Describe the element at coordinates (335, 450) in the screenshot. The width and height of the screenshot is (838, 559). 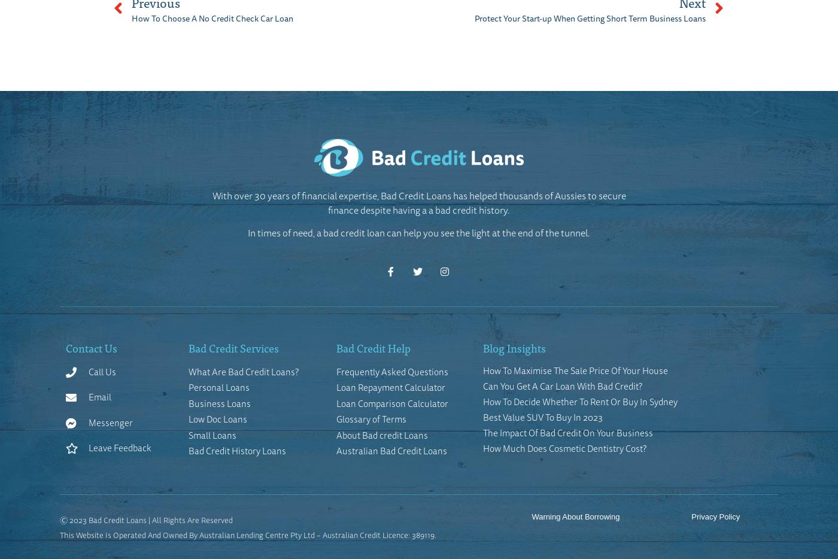
I see `'Australian Bad Credit Loans'` at that location.